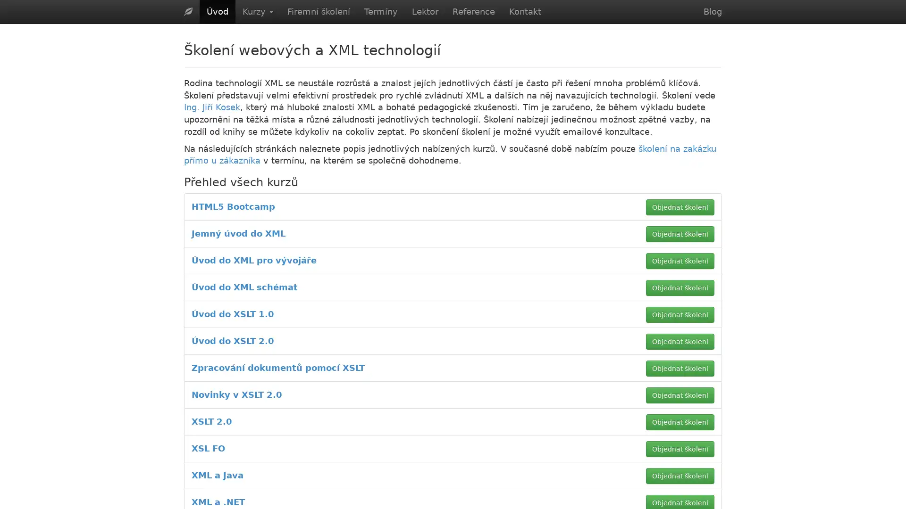 The width and height of the screenshot is (906, 509). I want to click on Objednat skoleni, so click(680, 206).